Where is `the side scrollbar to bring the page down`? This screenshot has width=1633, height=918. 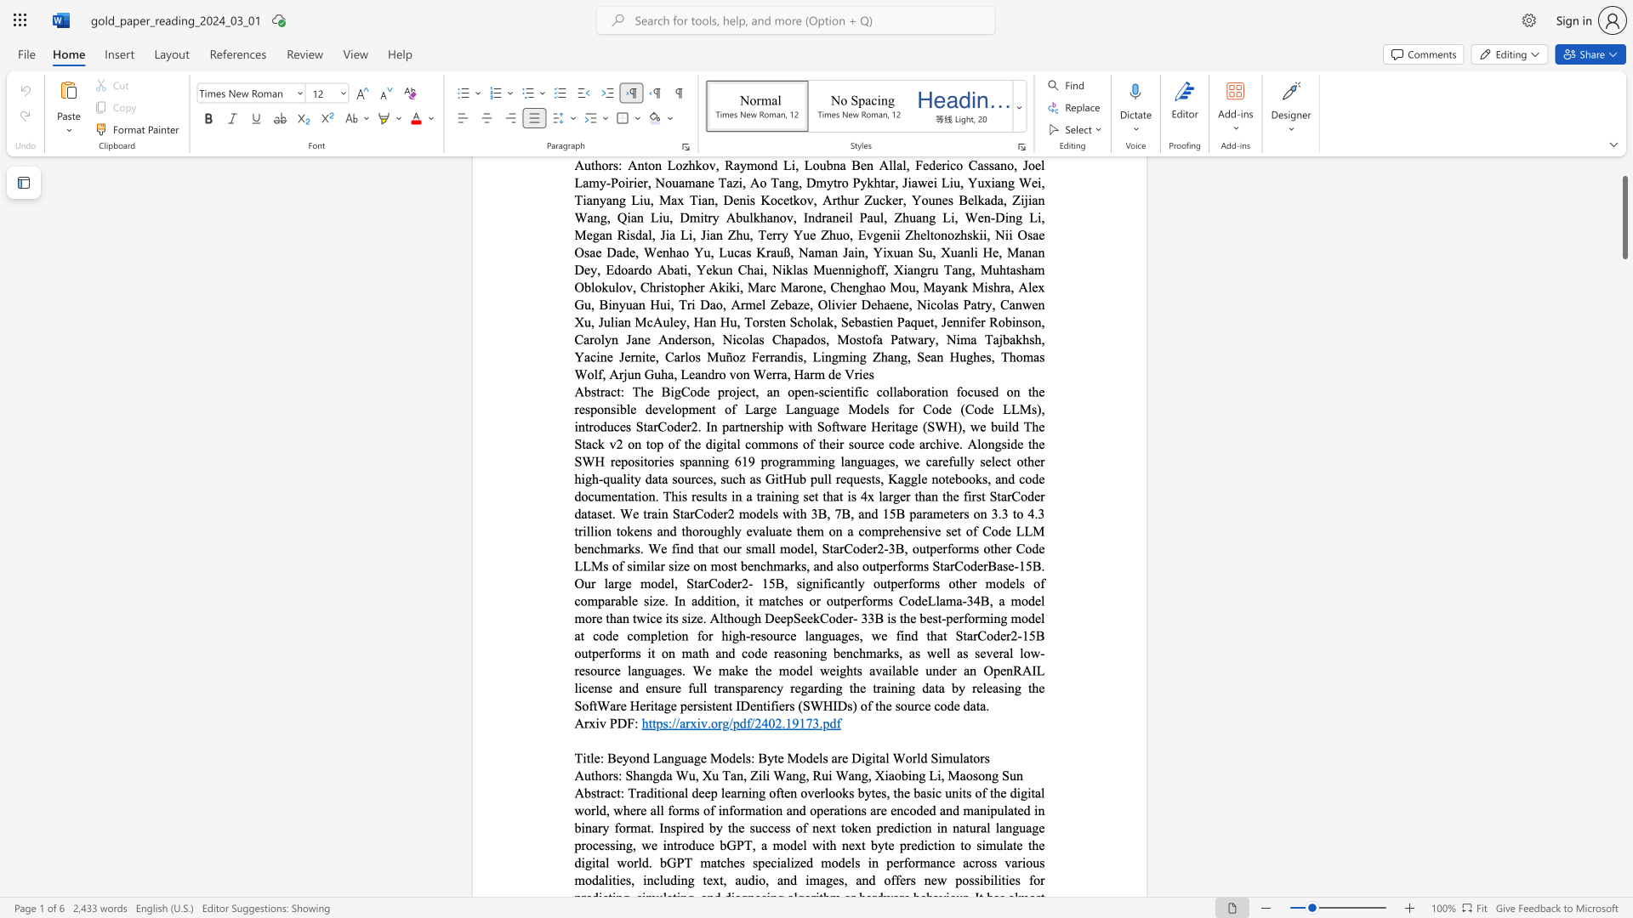
the side scrollbar to bring the page down is located at coordinates (1624, 501).